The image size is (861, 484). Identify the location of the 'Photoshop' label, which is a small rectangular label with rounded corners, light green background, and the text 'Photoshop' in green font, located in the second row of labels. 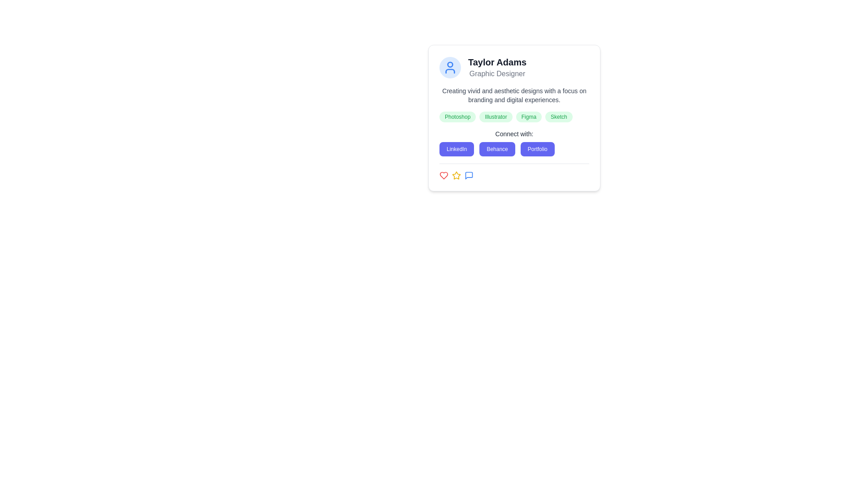
(457, 117).